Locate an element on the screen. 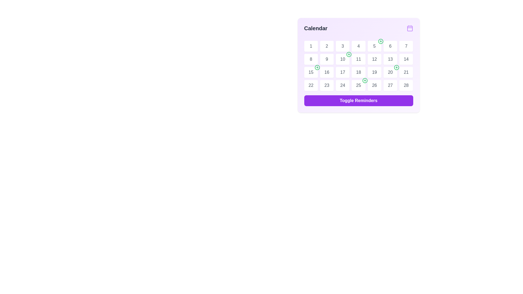  the text label displaying the numeral '11' in gray color, which is part of the date calendar layout and located in the second row and fourth column of the grid is located at coordinates (358, 59).